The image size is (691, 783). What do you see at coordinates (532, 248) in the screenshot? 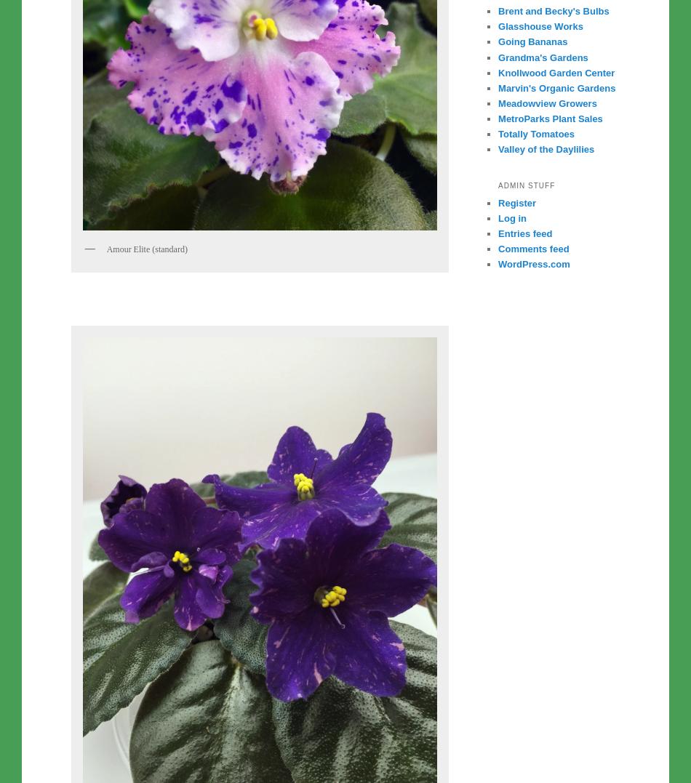
I see `'Comments feed'` at bounding box center [532, 248].